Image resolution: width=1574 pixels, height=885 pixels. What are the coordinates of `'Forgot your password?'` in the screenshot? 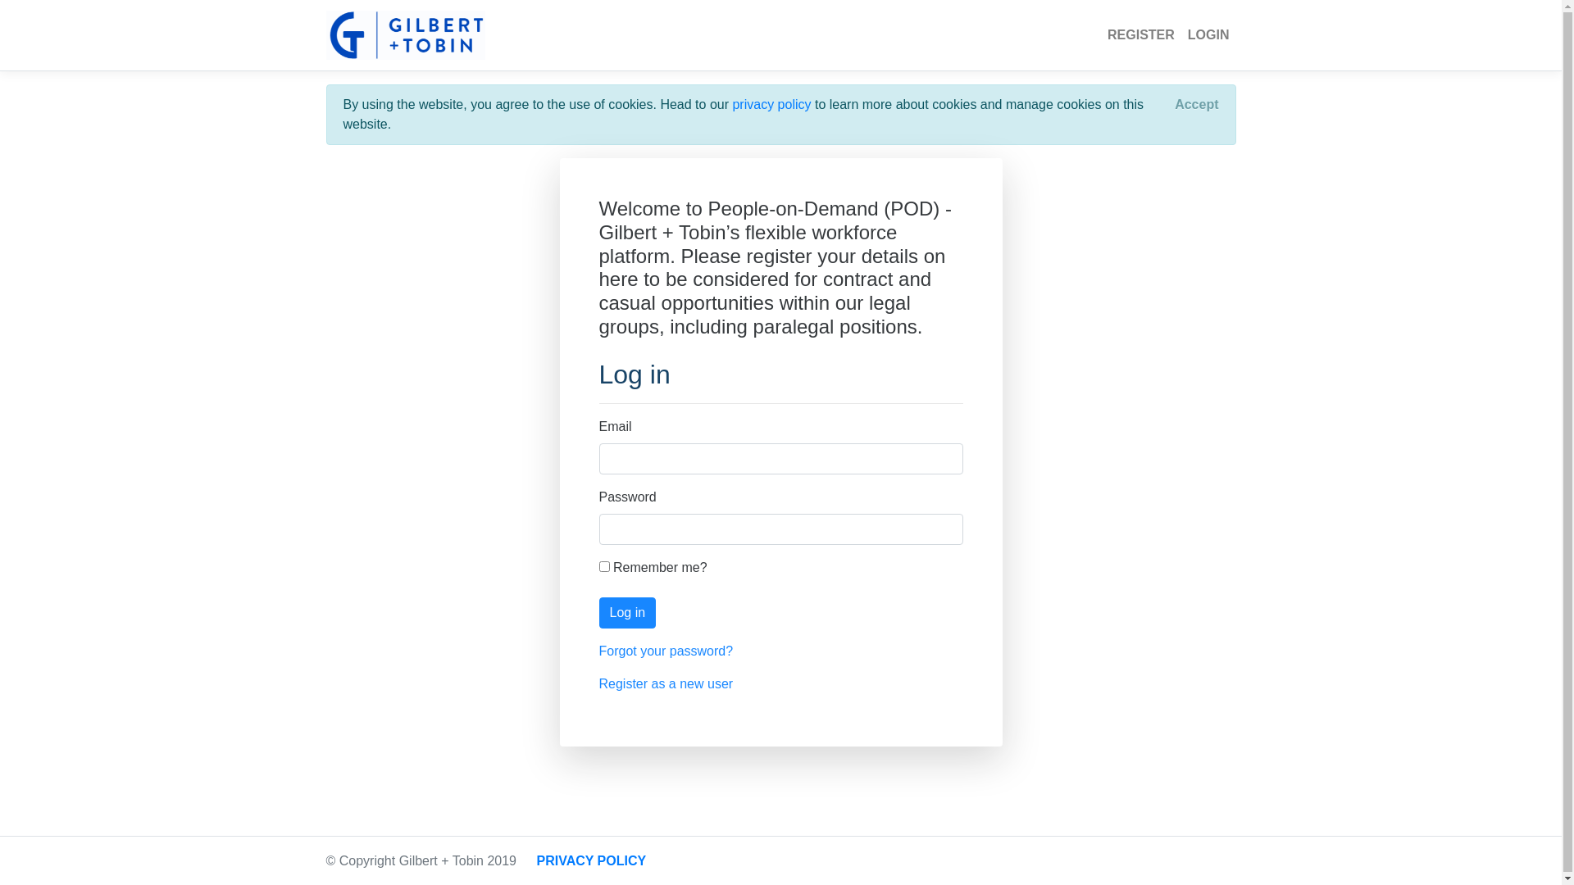 It's located at (597, 650).